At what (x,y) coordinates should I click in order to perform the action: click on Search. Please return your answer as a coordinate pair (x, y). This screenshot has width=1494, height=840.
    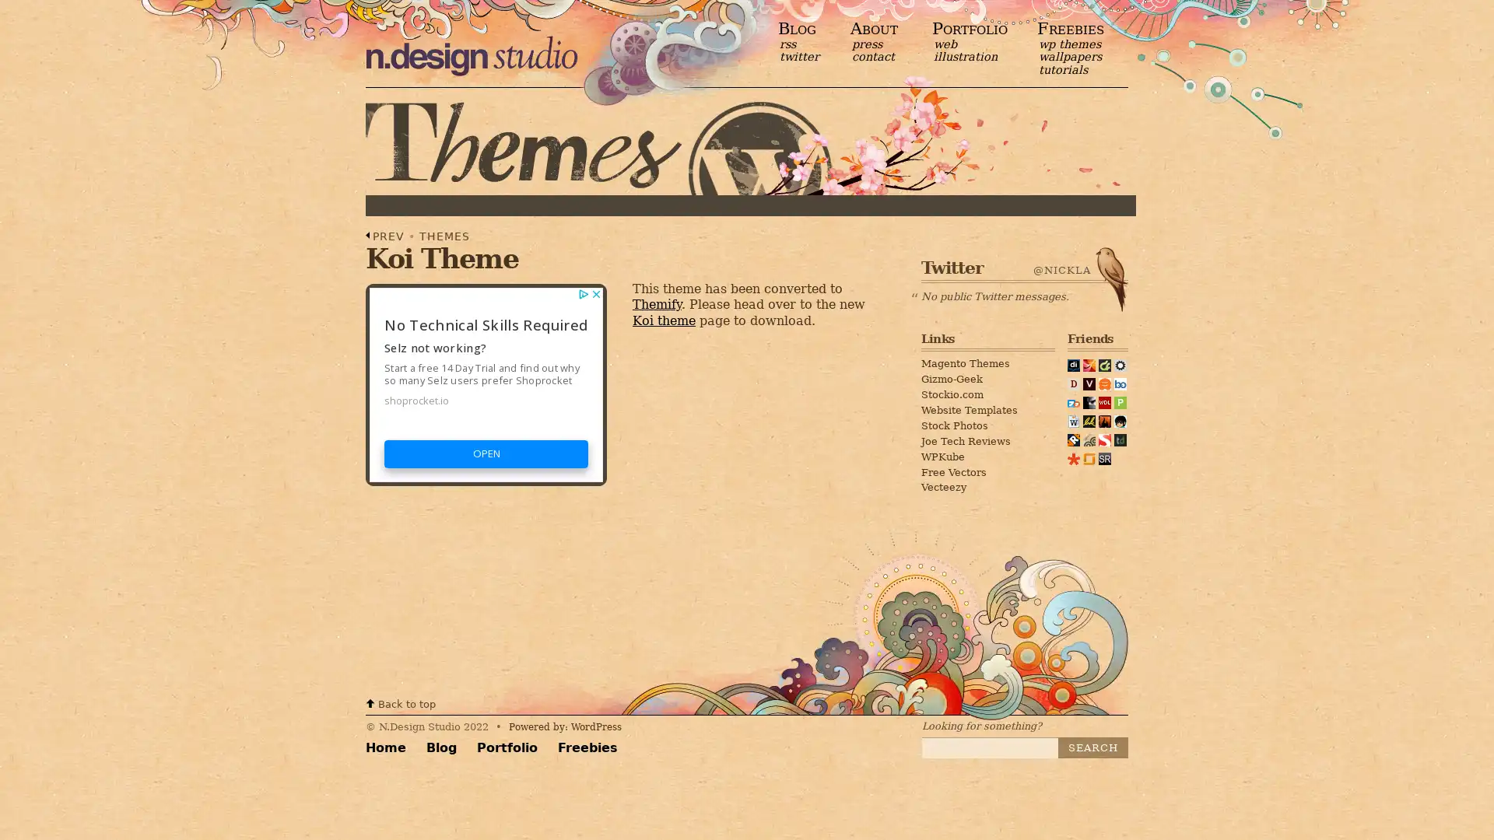
    Looking at the image, I should click on (1092, 747).